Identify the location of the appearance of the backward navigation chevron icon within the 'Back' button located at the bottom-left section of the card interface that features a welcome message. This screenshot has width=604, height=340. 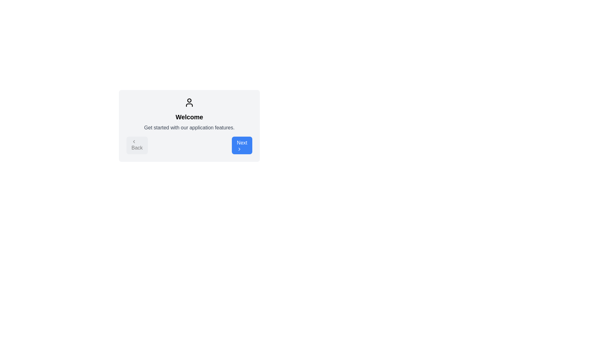
(134, 142).